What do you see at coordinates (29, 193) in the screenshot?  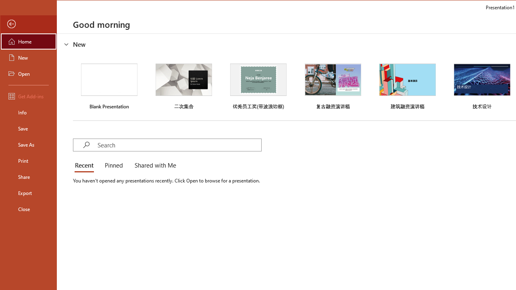 I see `'Export'` at bounding box center [29, 193].